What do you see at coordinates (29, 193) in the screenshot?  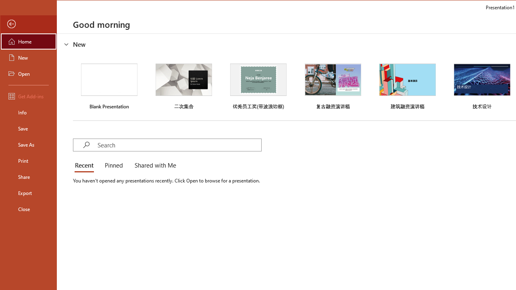 I see `'Export'` at bounding box center [29, 193].